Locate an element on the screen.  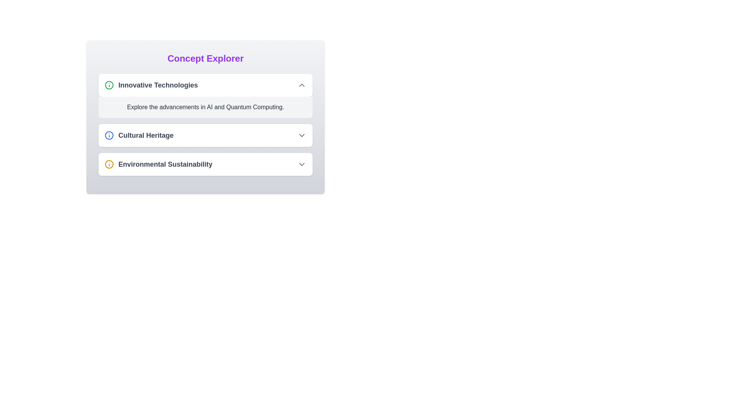
the Collapsible Header titled 'Environmental Sustainability' is located at coordinates (205, 164).